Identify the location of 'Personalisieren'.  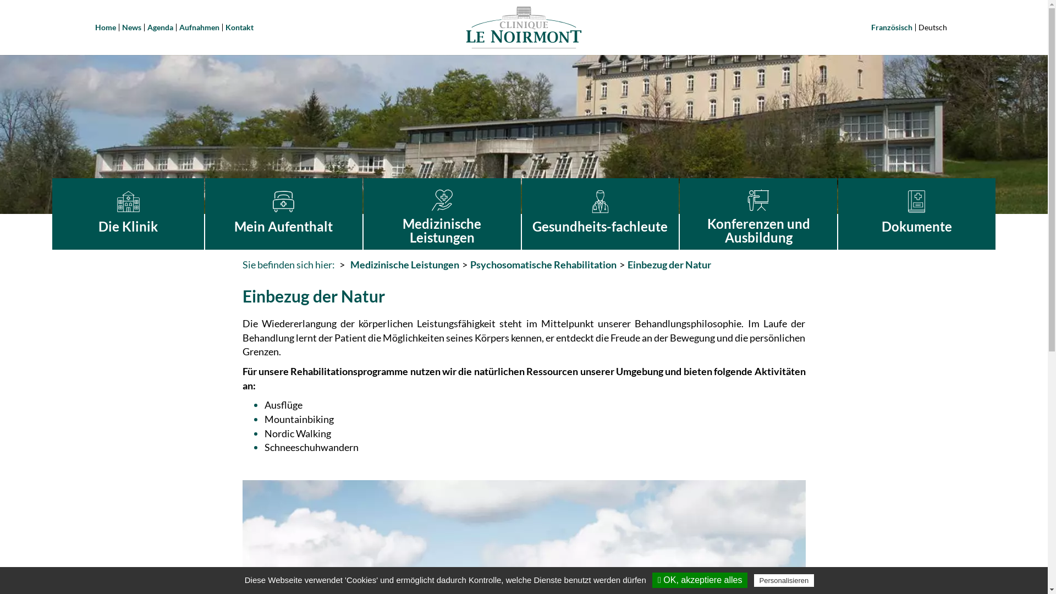
(783, 580).